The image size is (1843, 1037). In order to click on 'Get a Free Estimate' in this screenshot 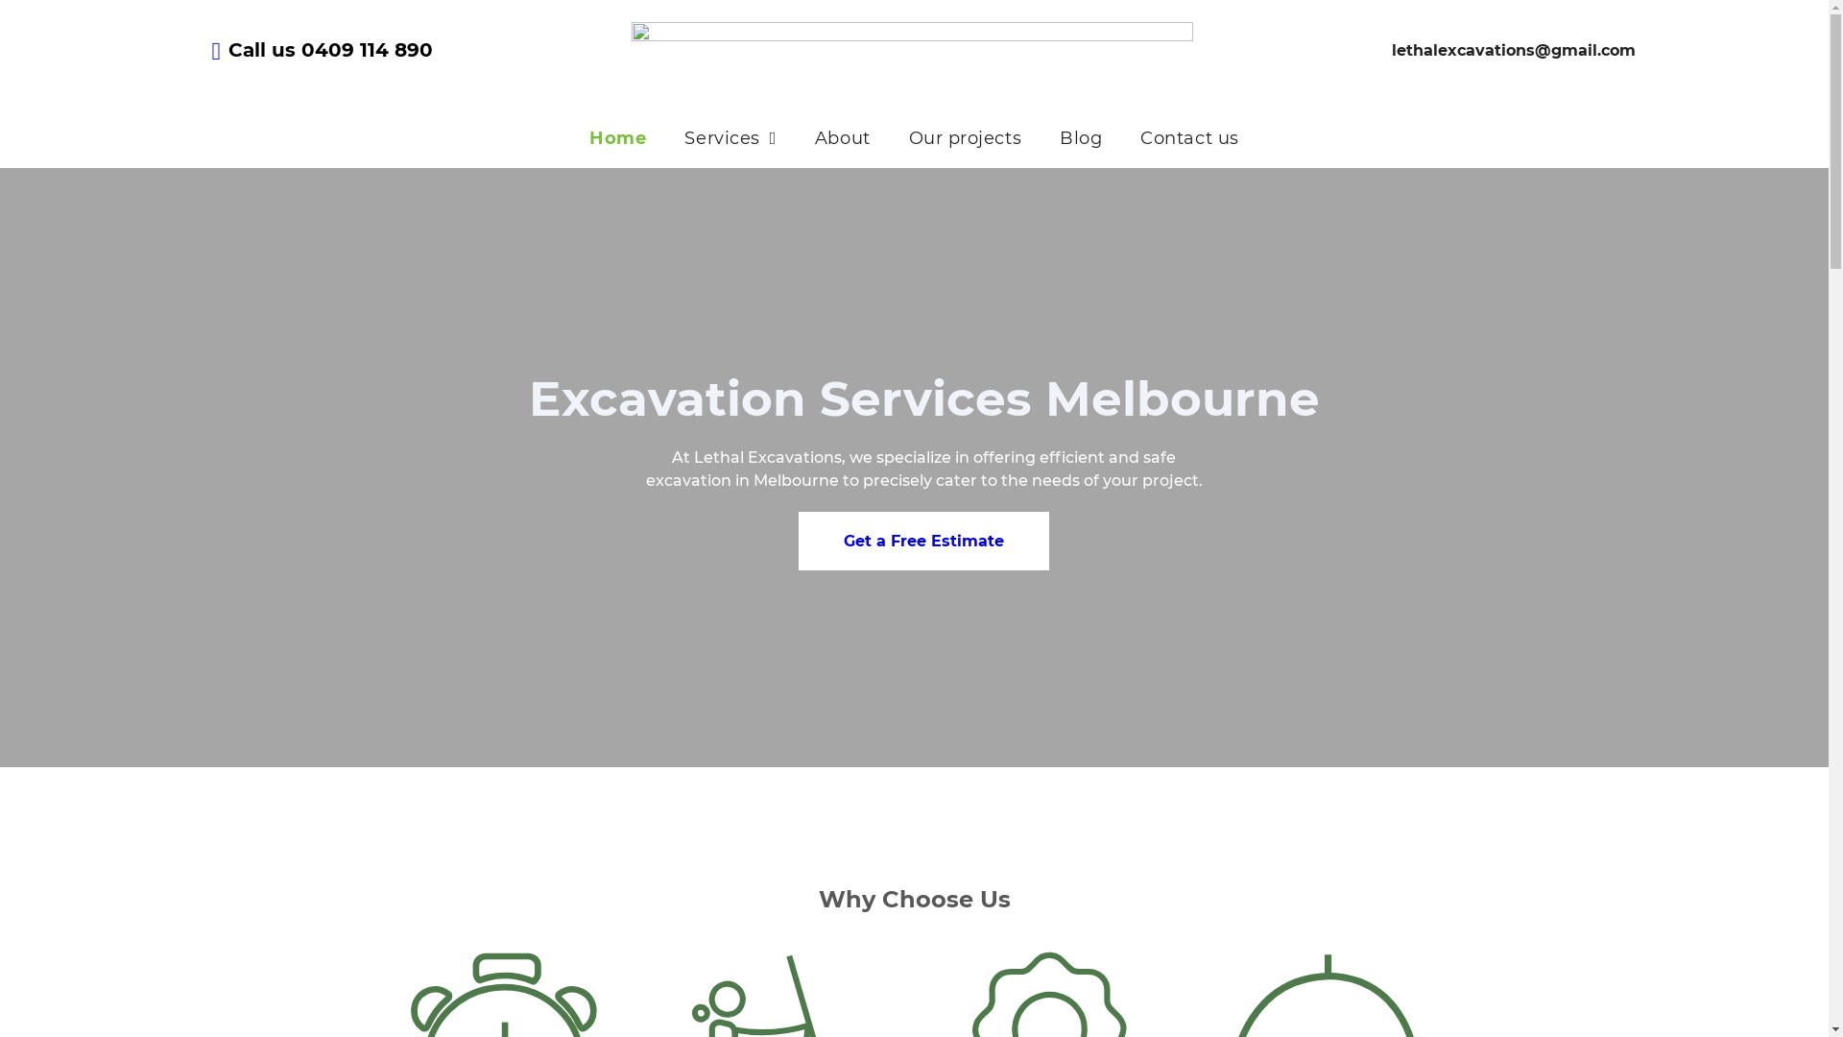, I will do `click(798, 541)`.